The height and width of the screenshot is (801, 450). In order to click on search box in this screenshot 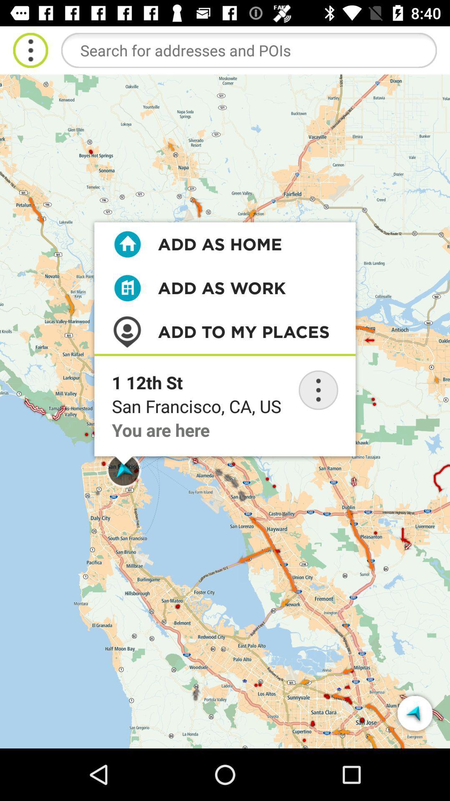, I will do `click(248, 50)`.